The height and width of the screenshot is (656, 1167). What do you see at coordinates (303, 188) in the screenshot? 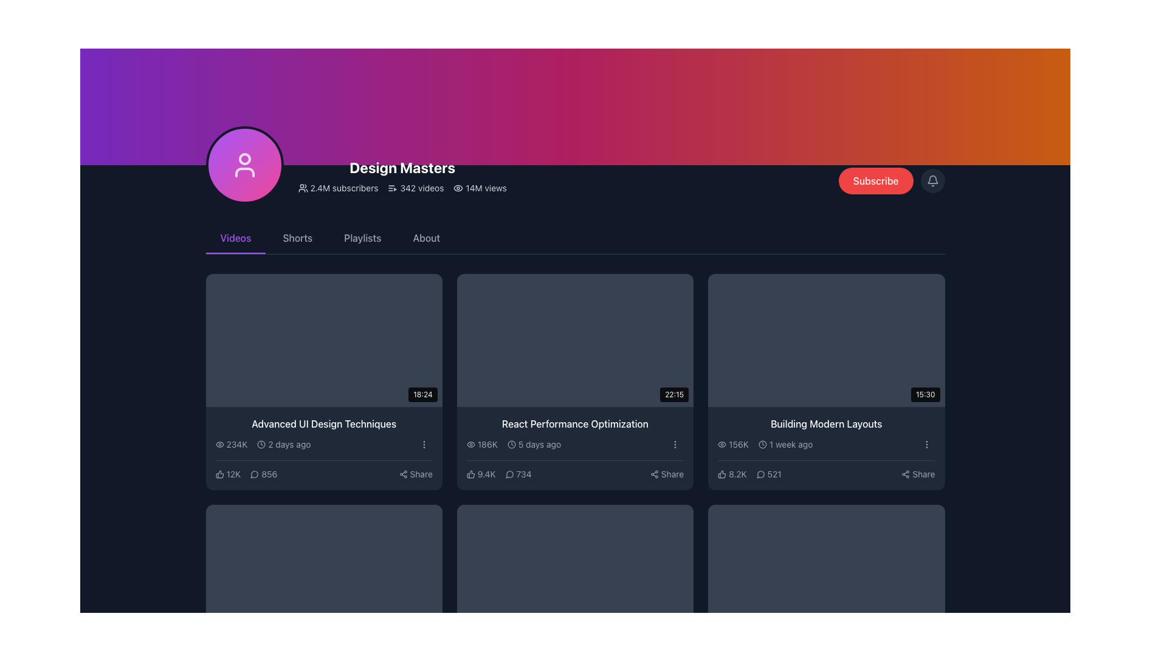
I see `the decorative icon located to the left of the '2.4M subscribers' text, which symbolizes users or subscribers` at bounding box center [303, 188].